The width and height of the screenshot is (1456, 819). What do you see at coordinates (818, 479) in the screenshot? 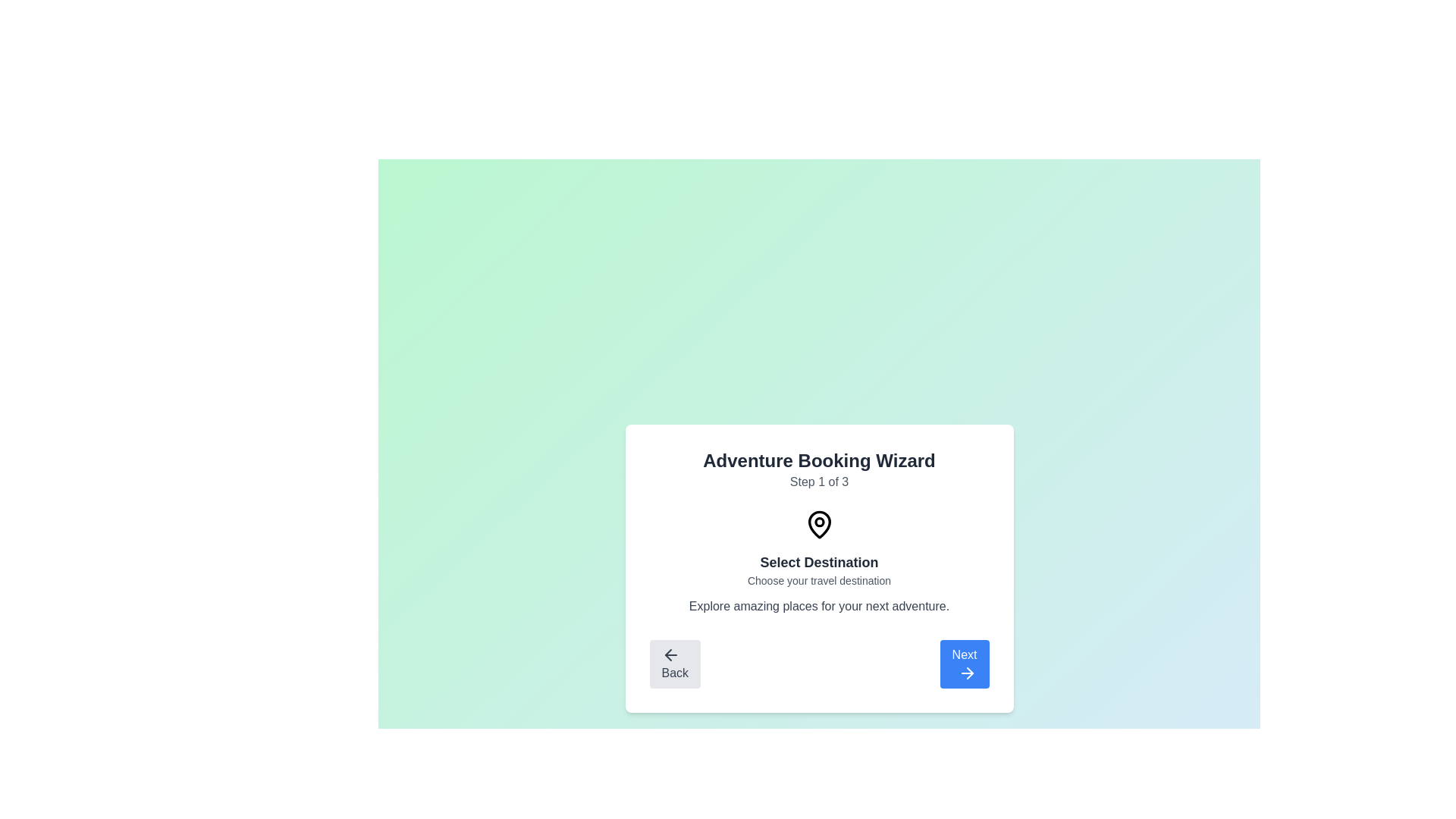
I see `the step progression displayed in the header of the 'Adventure Booking Wizard' card, which indicates 'Step 1 of 3'` at bounding box center [818, 479].